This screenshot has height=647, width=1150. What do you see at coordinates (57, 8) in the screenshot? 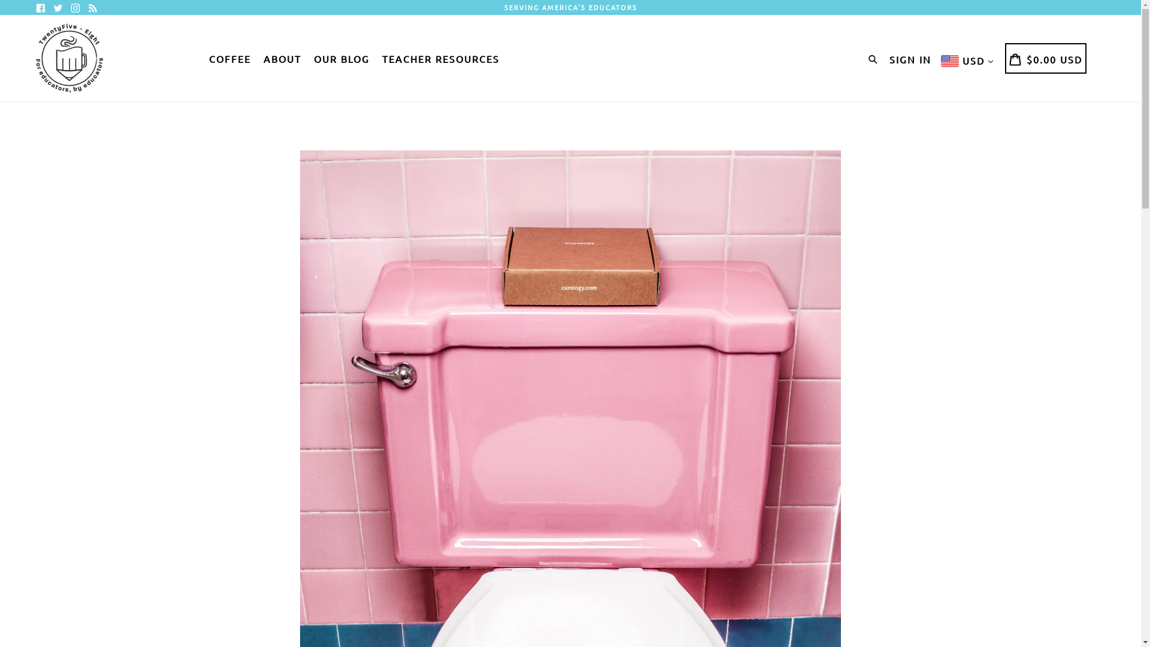
I see `'Twitter'` at bounding box center [57, 8].